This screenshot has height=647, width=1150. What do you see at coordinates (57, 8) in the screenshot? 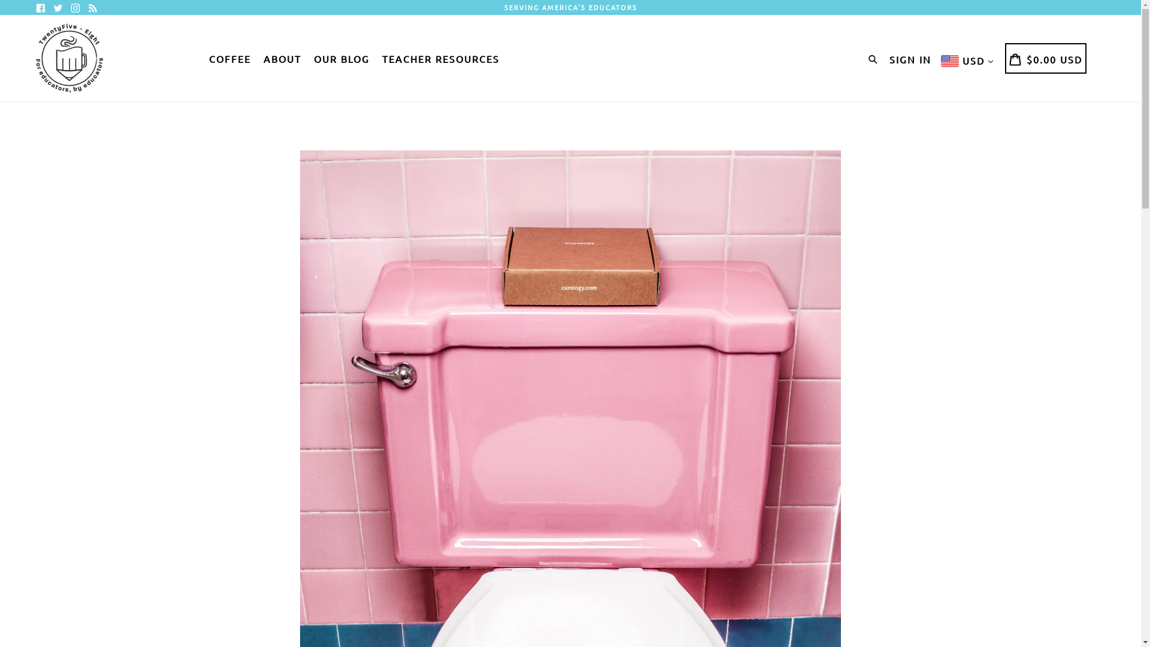
I see `'Twitter'` at bounding box center [57, 8].